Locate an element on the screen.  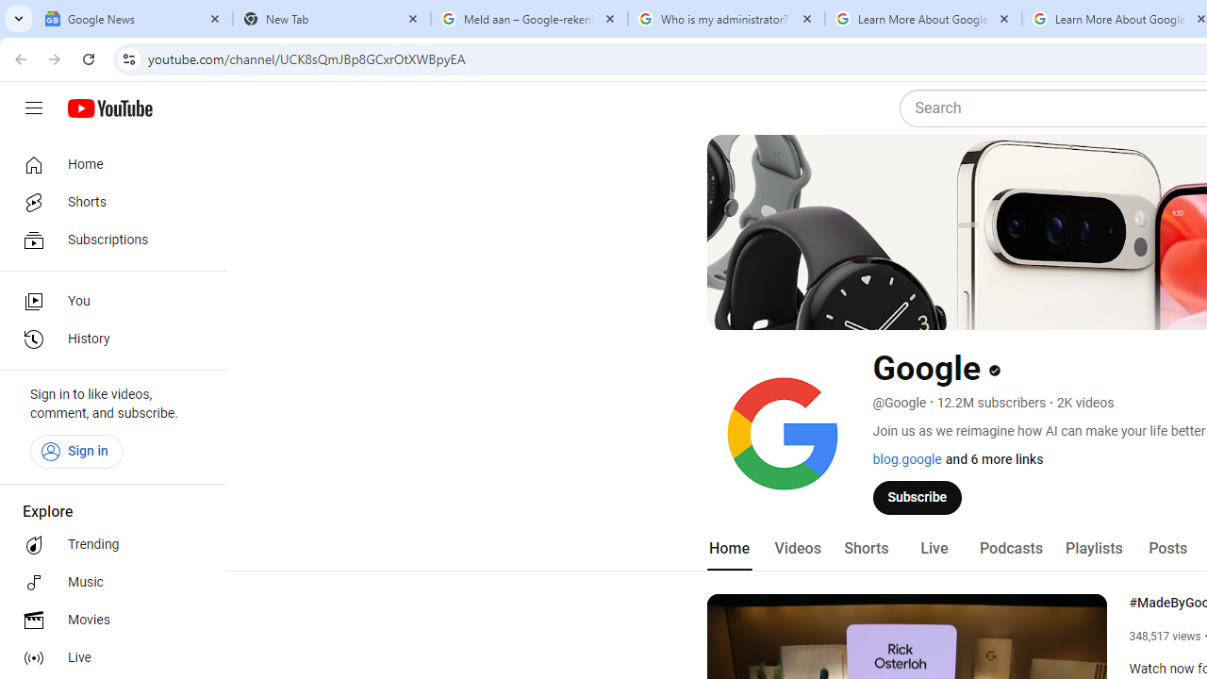
'Playlists' is located at coordinates (1094, 548).